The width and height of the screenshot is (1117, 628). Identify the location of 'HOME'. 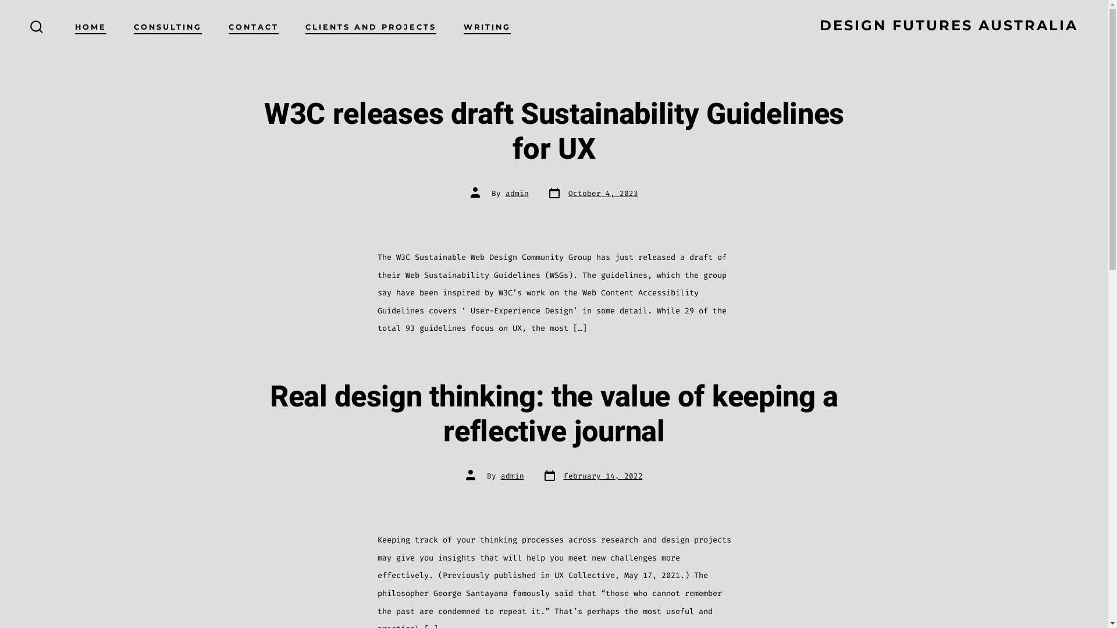
(74, 27).